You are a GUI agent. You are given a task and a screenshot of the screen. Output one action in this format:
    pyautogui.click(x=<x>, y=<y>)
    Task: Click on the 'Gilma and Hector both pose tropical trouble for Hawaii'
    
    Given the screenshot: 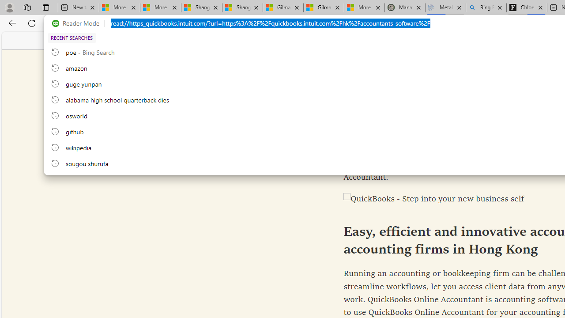 What is the action you would take?
    pyautogui.click(x=323, y=8)
    